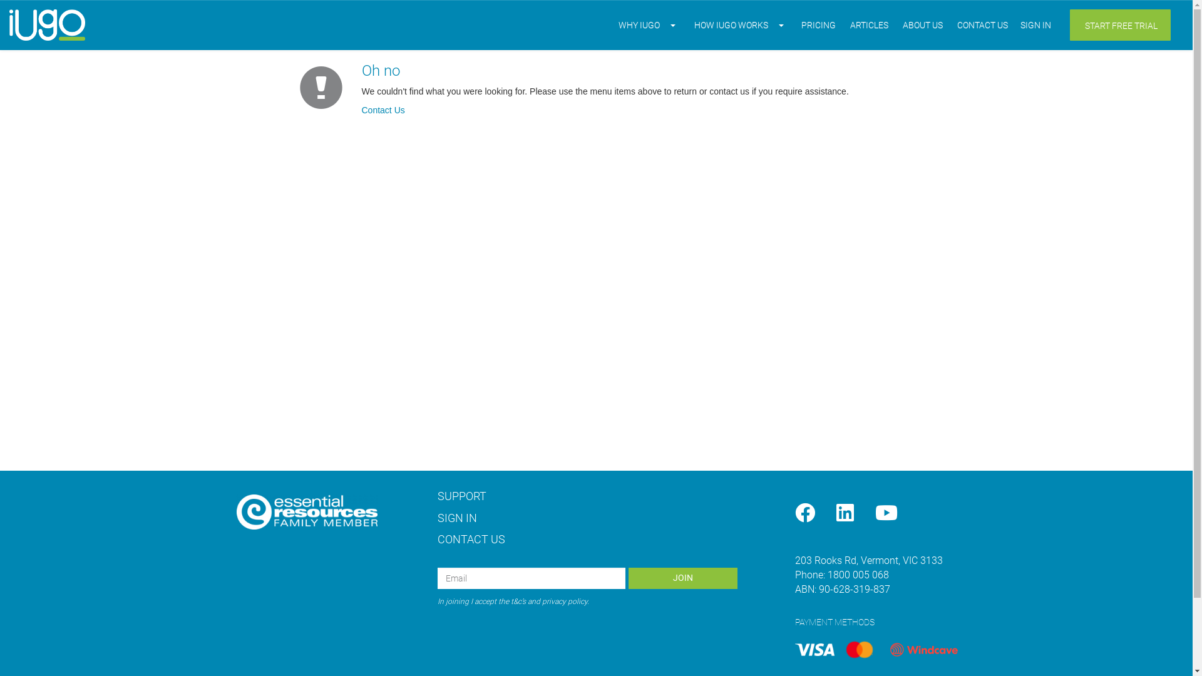 This screenshot has width=1202, height=676. What do you see at coordinates (1069, 24) in the screenshot?
I see `'START FREE TRIAL'` at bounding box center [1069, 24].